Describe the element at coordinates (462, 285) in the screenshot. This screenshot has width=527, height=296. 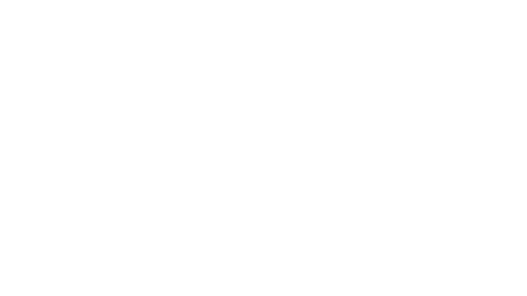
I see `Turn on Shuffle` at that location.